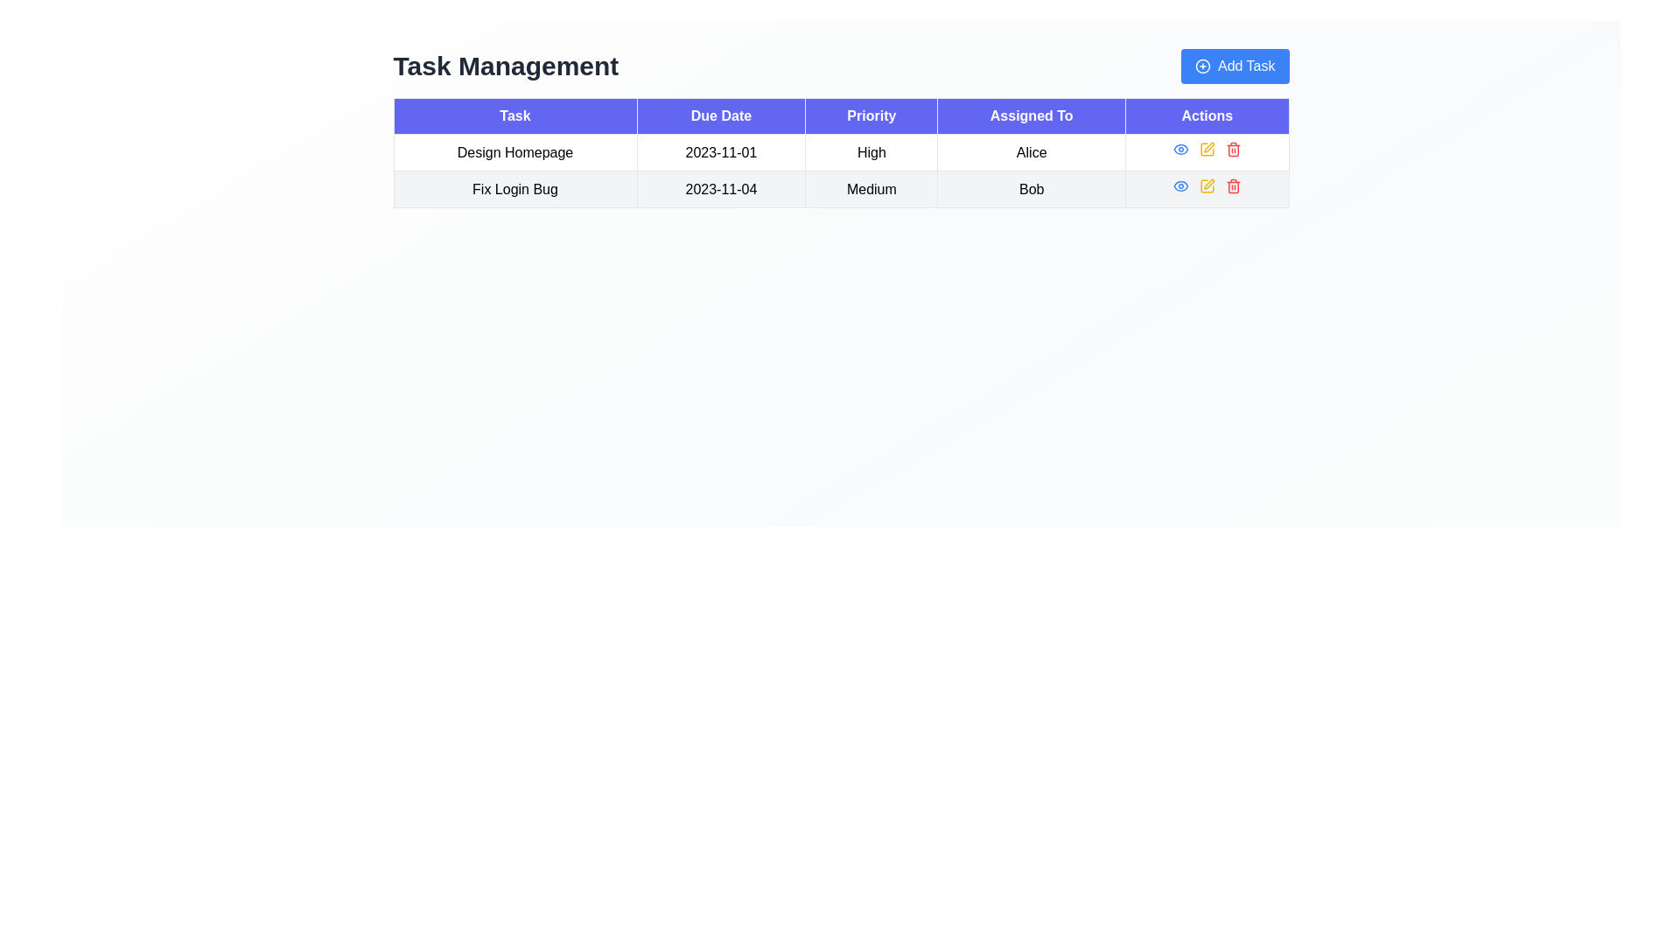 The image size is (1680, 945). Describe the element at coordinates (1206, 189) in the screenshot. I see `the action icons` at that location.